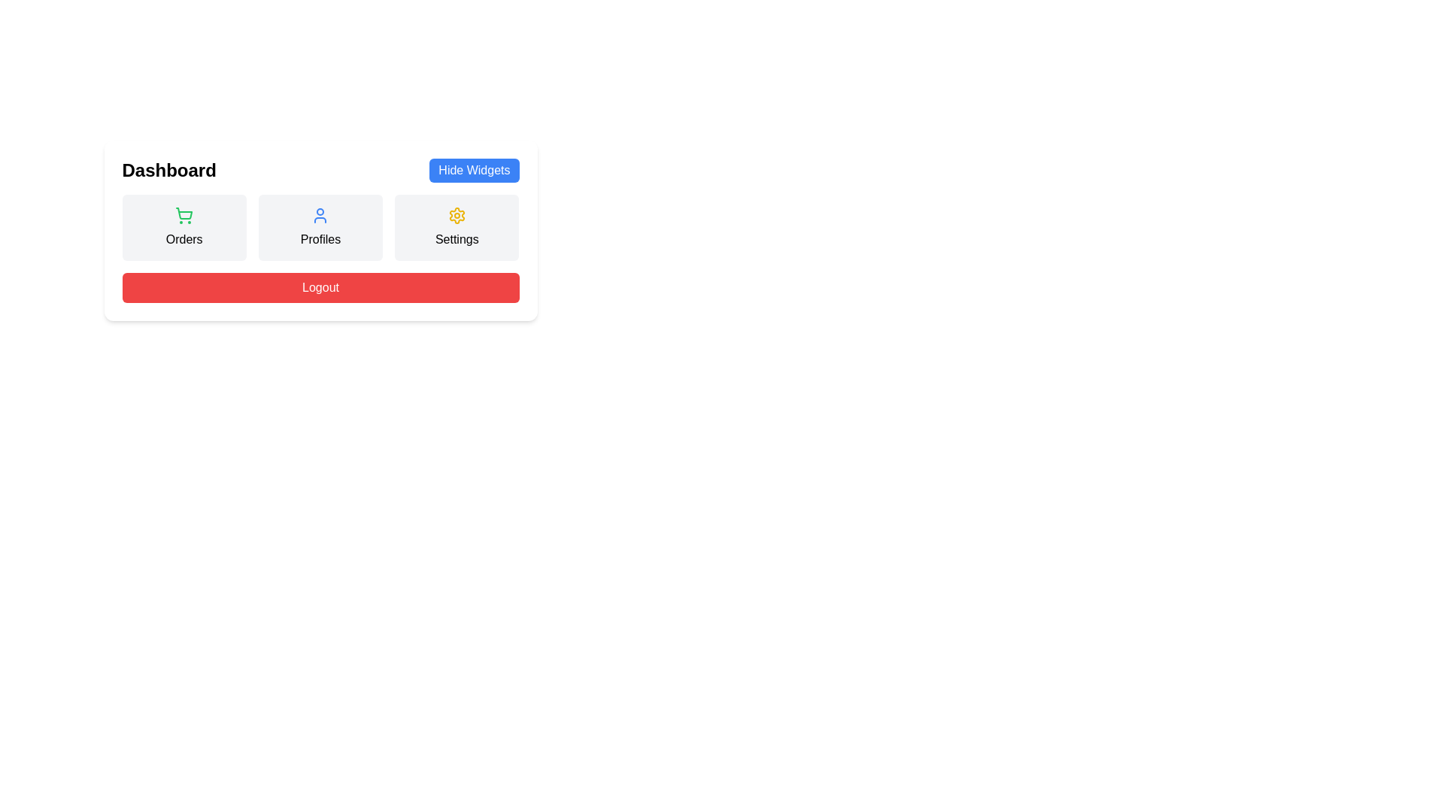  I want to click on the rectangular blue button labeled 'Hide Widgets' located in the top right corner of the section to hide widgets, so click(473, 170).